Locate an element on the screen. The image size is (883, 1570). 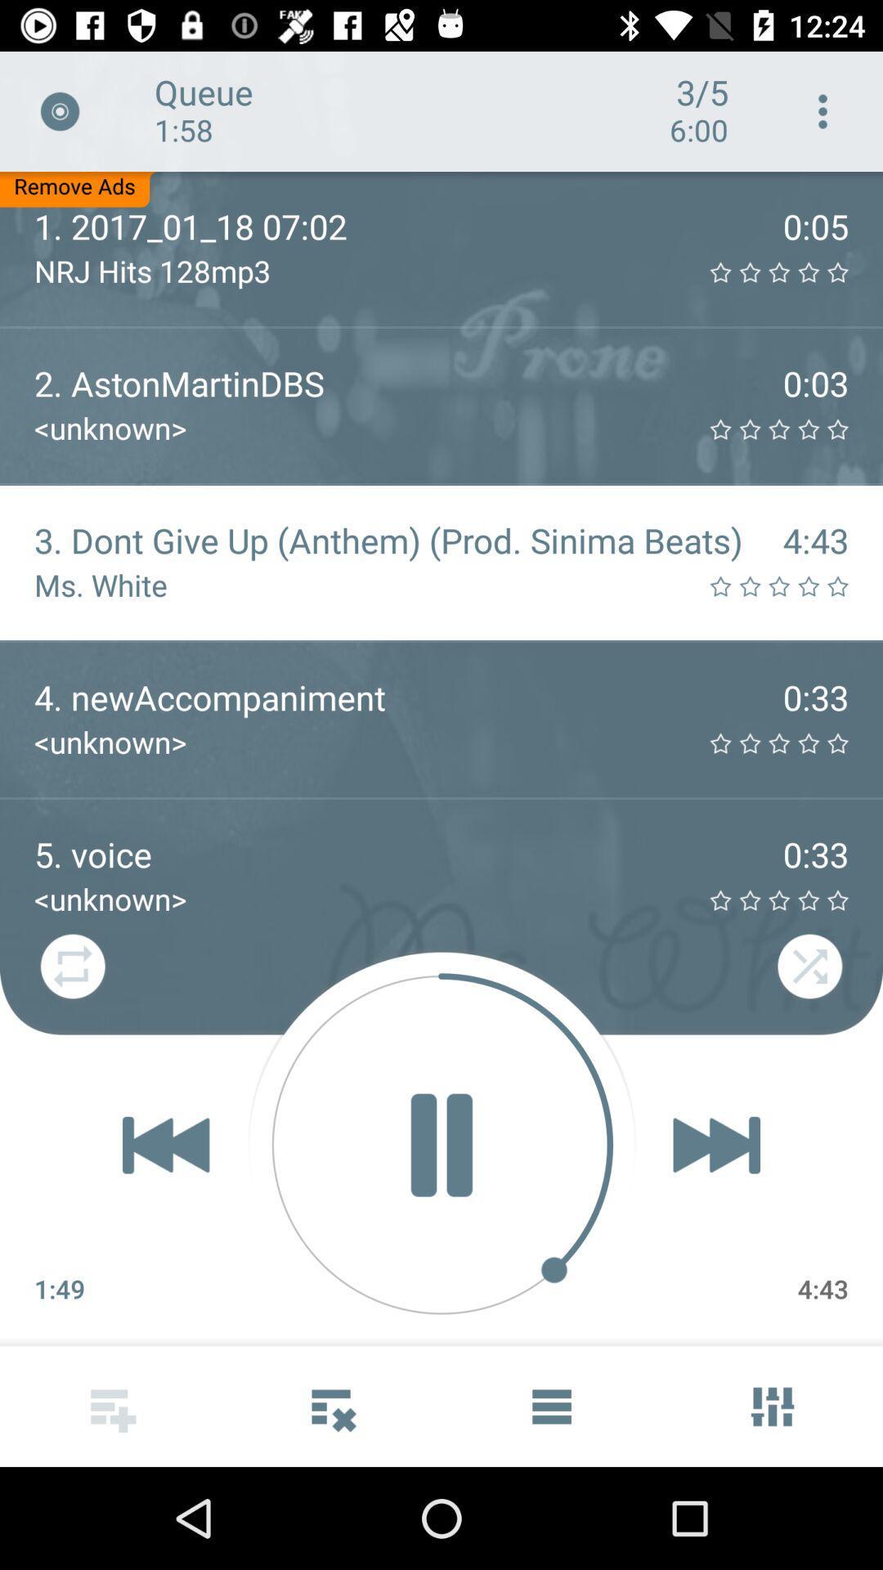
icon to the right of the 3/5 icon is located at coordinates (822, 110).